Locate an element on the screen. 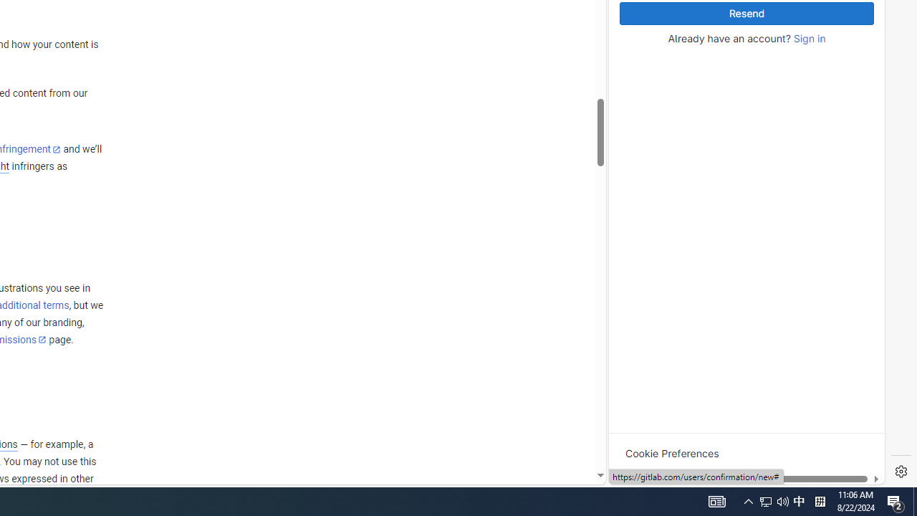 Image resolution: width=917 pixels, height=516 pixels. 'Resend' is located at coordinates (746, 14).